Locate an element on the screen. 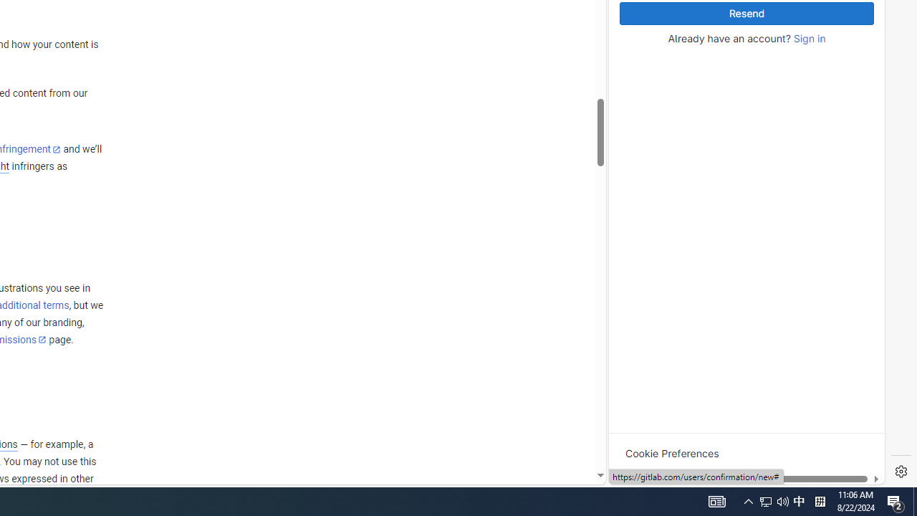 Image resolution: width=917 pixels, height=516 pixels. 'Resend' is located at coordinates (746, 14).